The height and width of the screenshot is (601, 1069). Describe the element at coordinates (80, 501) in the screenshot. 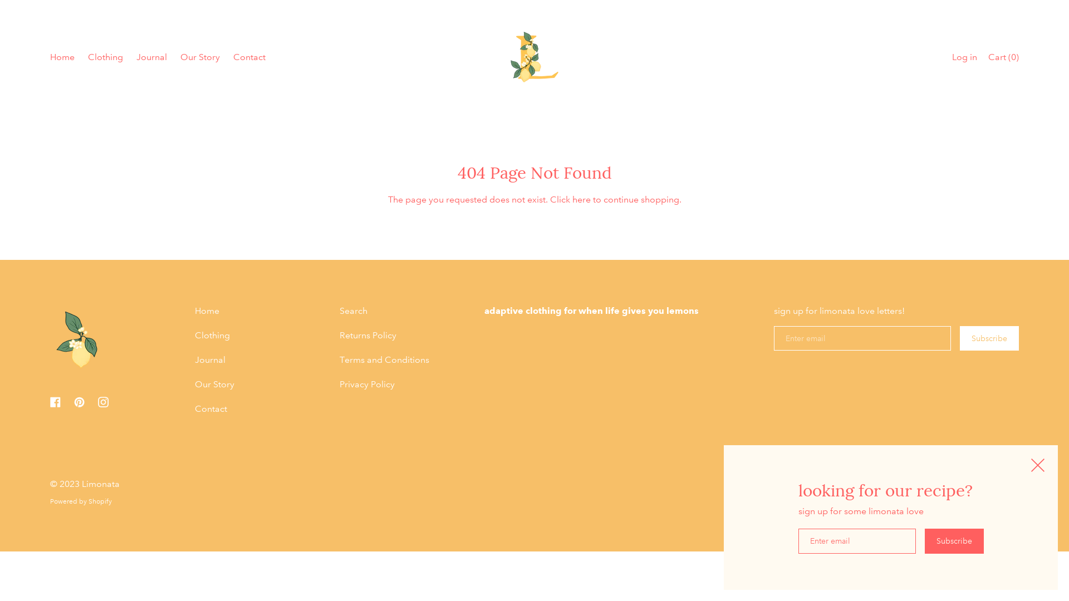

I see `'Powered by Shopify'` at that location.